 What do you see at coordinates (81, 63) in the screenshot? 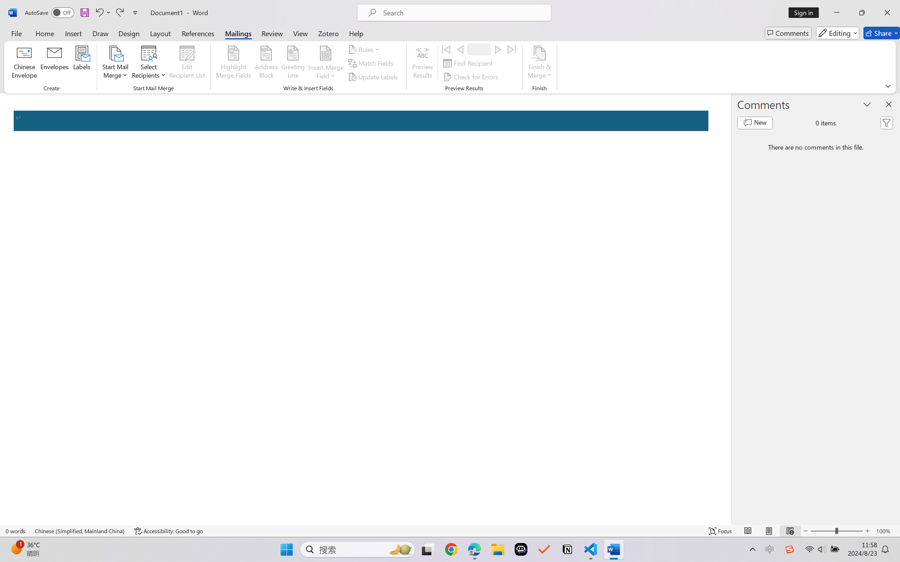
I see `'Labels...'` at bounding box center [81, 63].